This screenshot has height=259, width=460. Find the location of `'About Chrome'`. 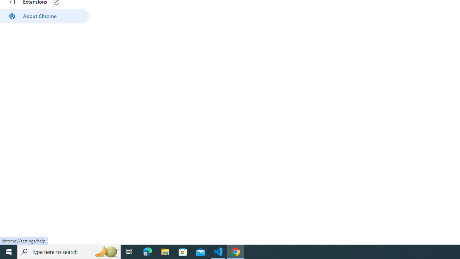

'About Chrome' is located at coordinates (44, 16).